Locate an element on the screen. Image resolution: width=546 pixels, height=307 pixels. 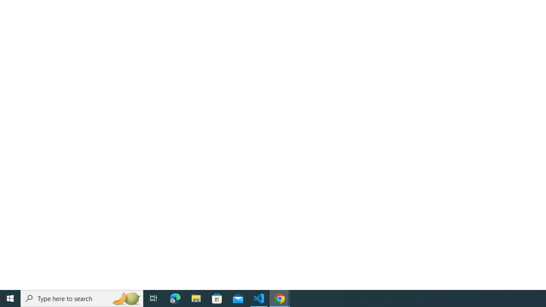
'Visual Studio Code - 1 running window' is located at coordinates (258, 298).